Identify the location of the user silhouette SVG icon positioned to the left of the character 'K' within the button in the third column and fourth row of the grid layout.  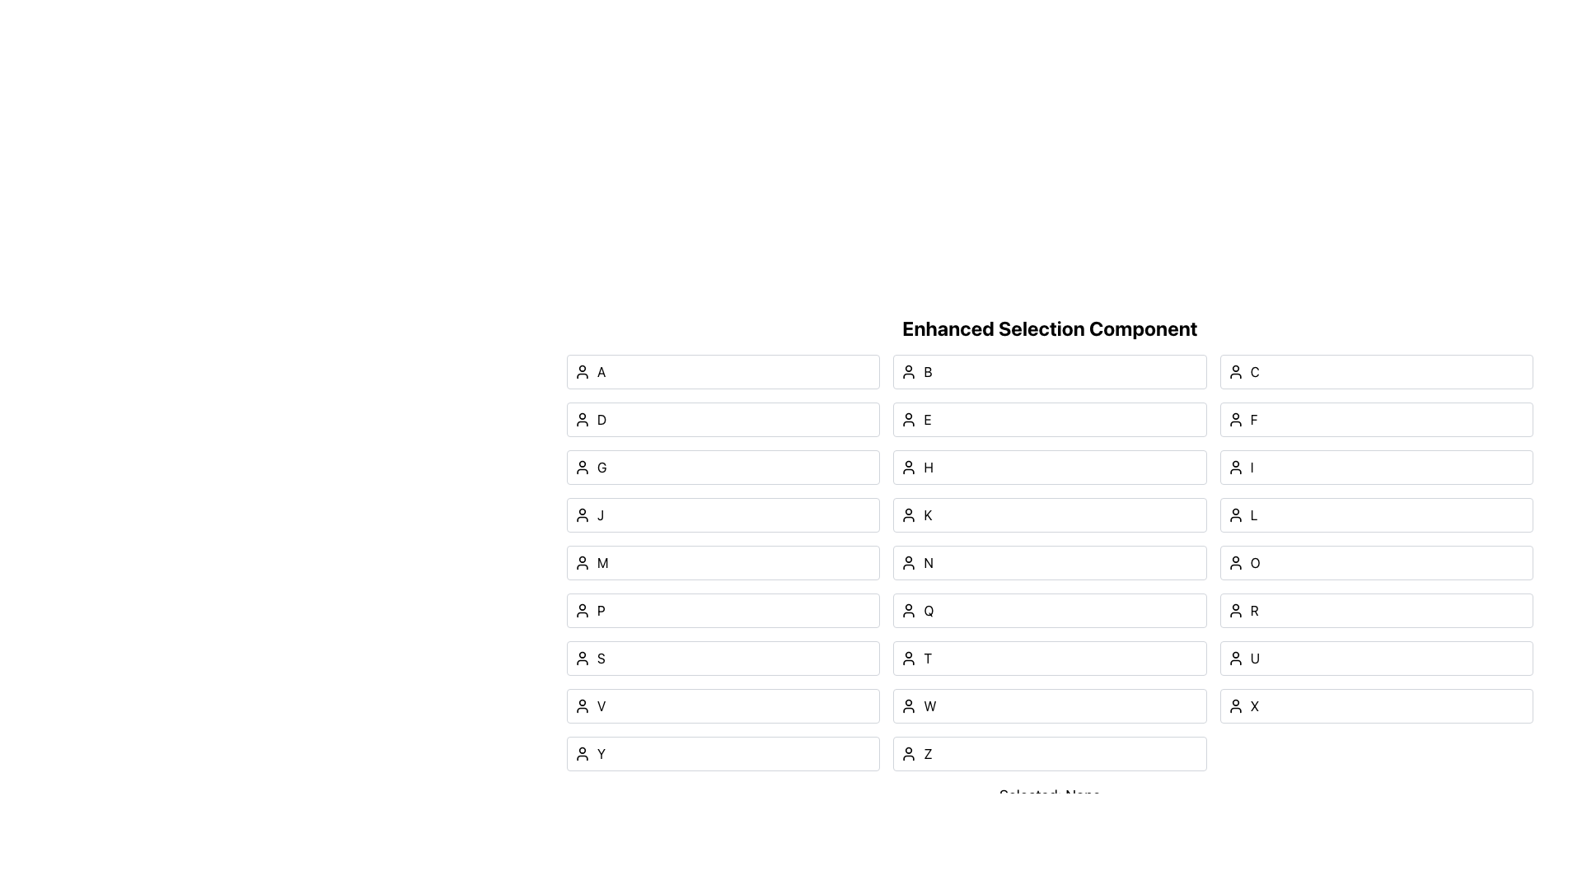
(908, 514).